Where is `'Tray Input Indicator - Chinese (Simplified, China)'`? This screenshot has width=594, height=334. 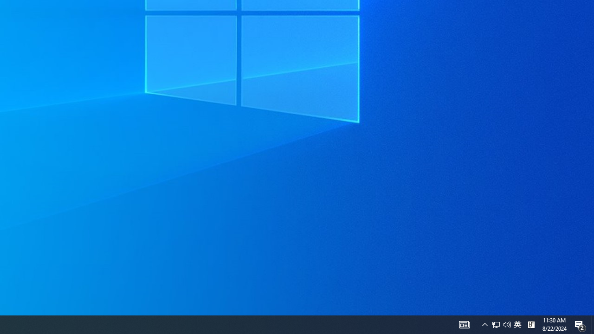 'Tray Input Indicator - Chinese (Simplified, China)' is located at coordinates (531, 324).